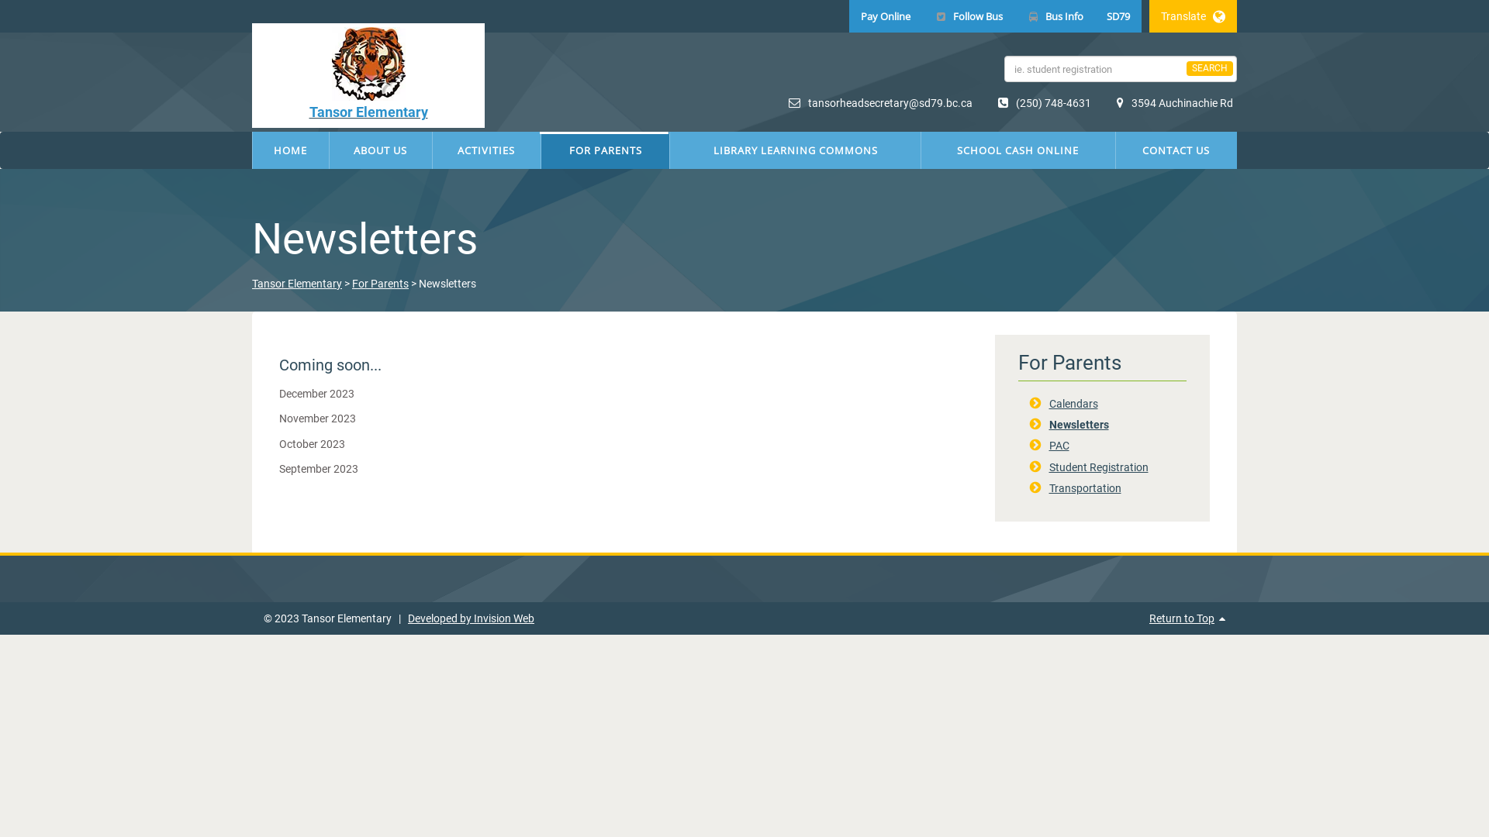  Describe the element at coordinates (541, 150) in the screenshot. I see `'FOR PARENTS'` at that location.